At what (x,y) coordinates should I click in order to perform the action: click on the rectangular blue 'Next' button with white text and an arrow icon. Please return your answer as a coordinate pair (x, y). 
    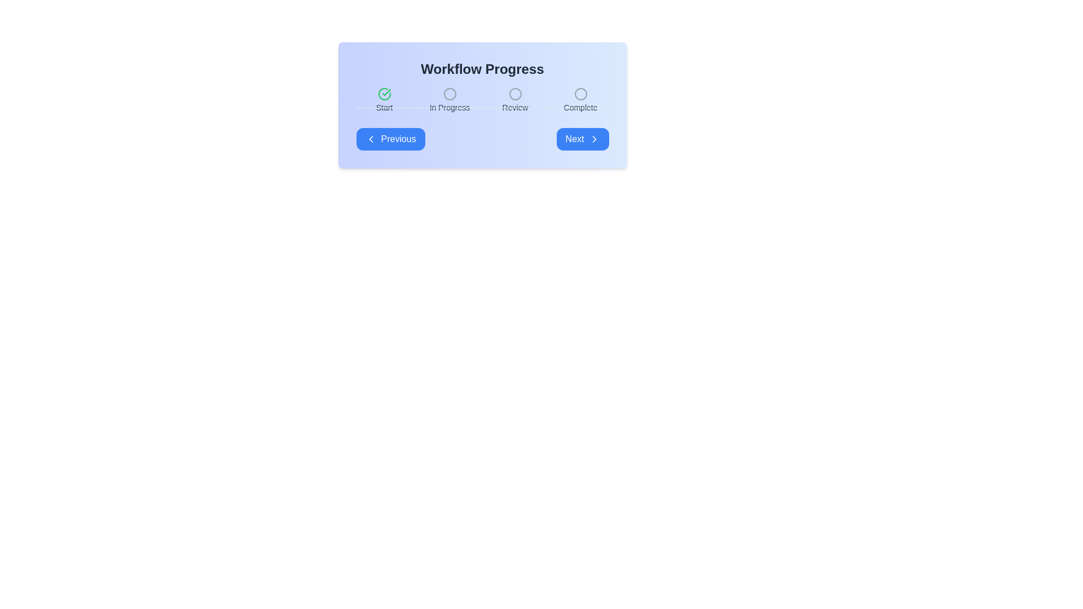
    Looking at the image, I should click on (582, 138).